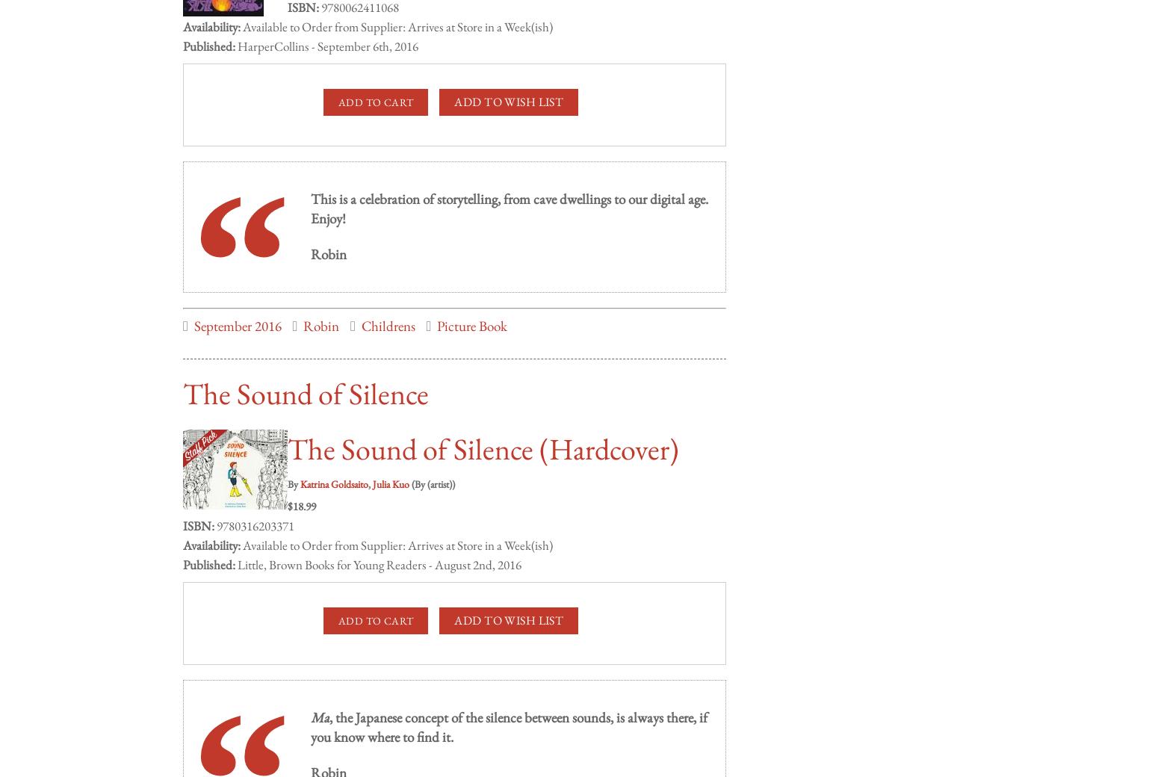 The image size is (1158, 777). What do you see at coordinates (377, 550) in the screenshot?
I see `'Little, Brown Books for Young Readers - August 2nd, 2016'` at bounding box center [377, 550].